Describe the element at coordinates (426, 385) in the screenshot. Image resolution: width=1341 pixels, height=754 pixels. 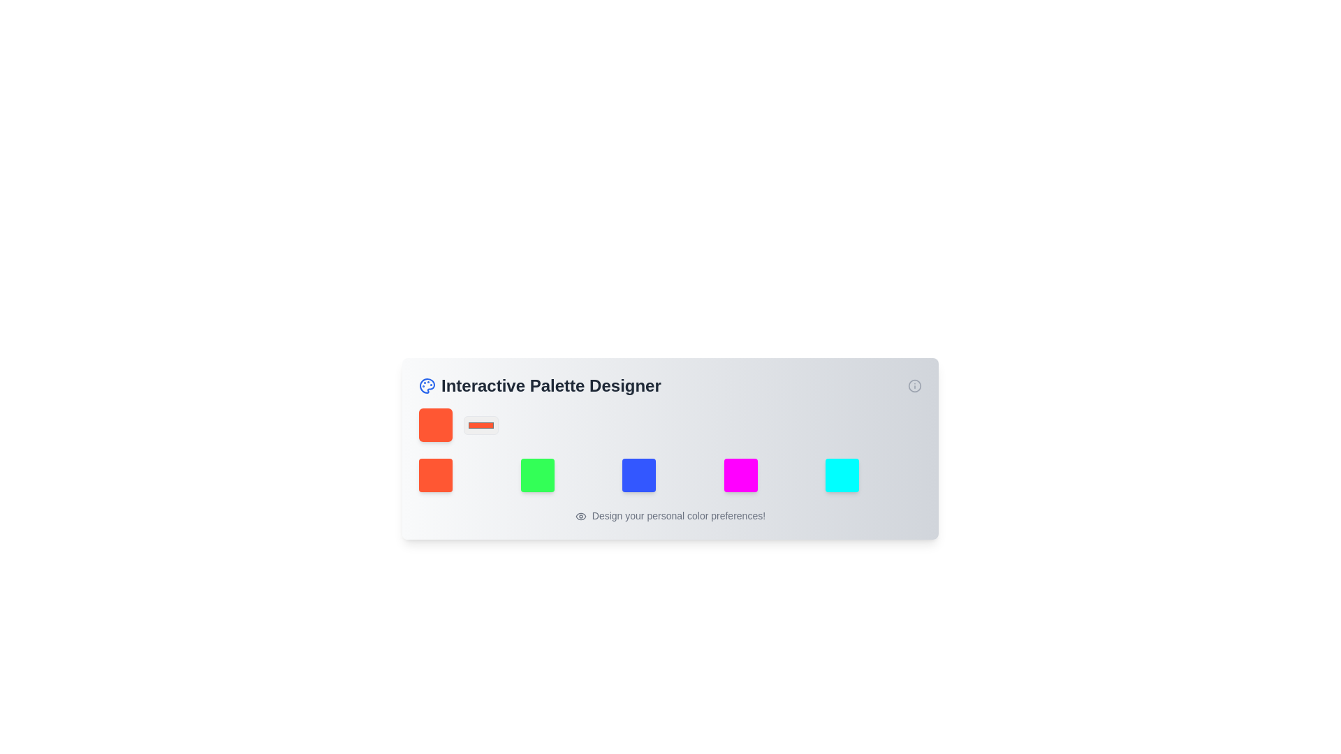
I see `the decorative icon representing the theme of the 'Interactive Palette Designer' application, located at the extreme left of the heading row` at that location.